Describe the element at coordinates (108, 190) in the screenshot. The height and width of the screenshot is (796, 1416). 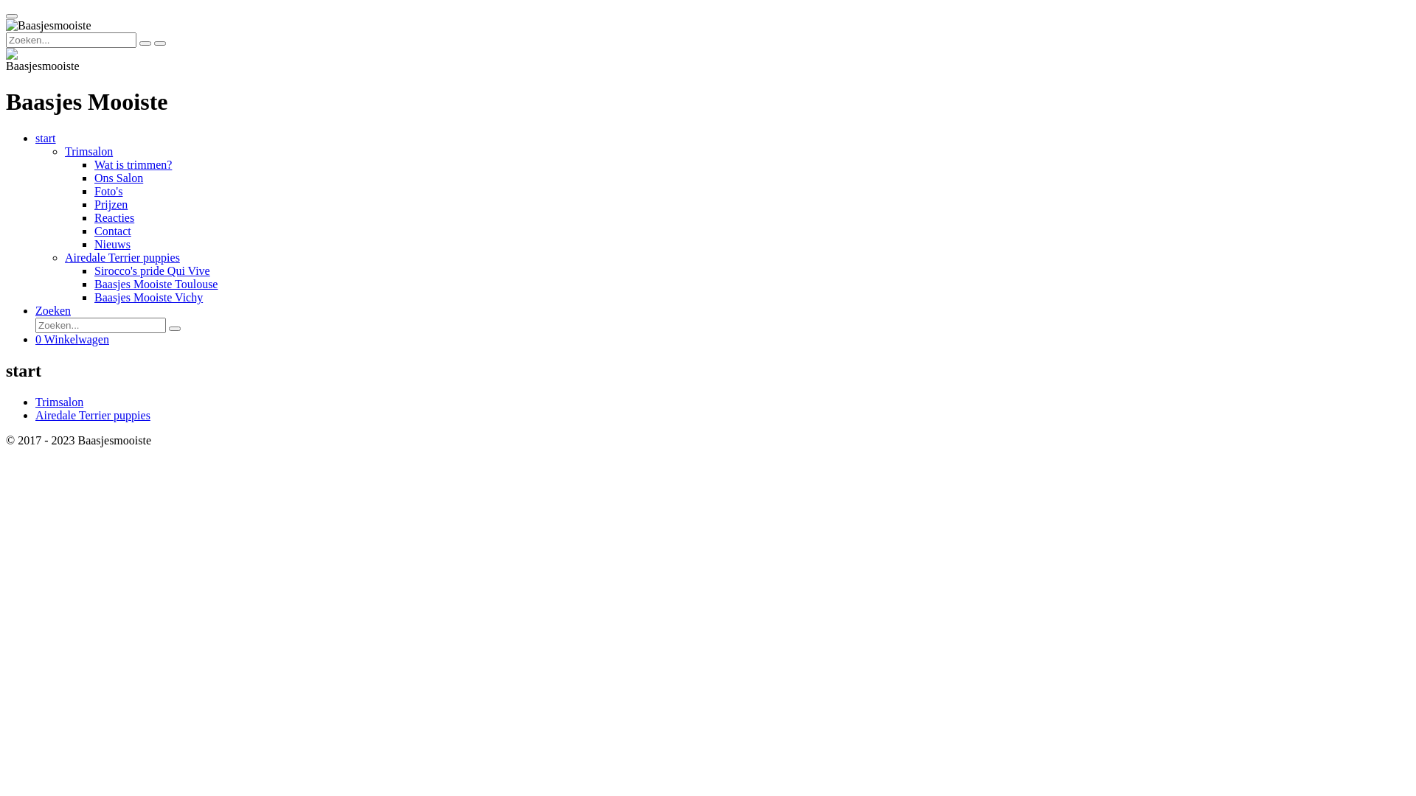
I see `'Foto's'` at that location.